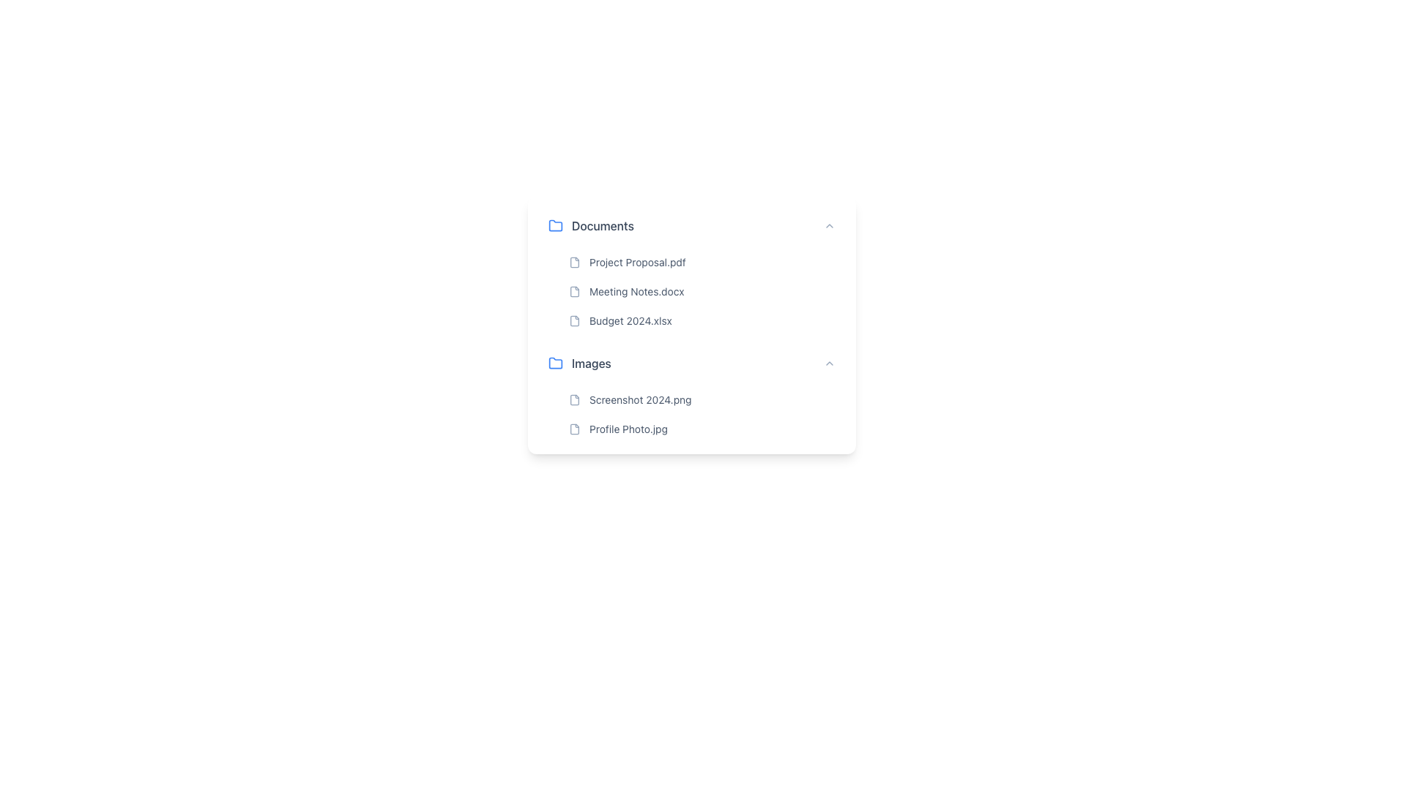 This screenshot has width=1406, height=790. I want to click on the text label for the file 'Profile Photo.jpg' located, so click(628, 428).